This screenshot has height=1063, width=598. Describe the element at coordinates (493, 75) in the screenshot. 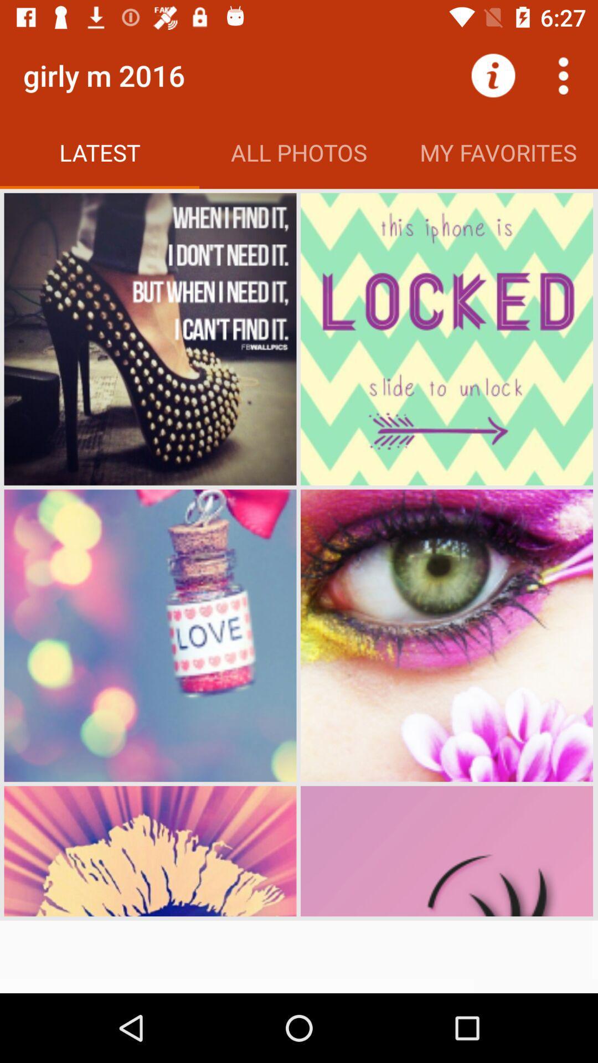

I see `the app above the my favorites app` at that location.